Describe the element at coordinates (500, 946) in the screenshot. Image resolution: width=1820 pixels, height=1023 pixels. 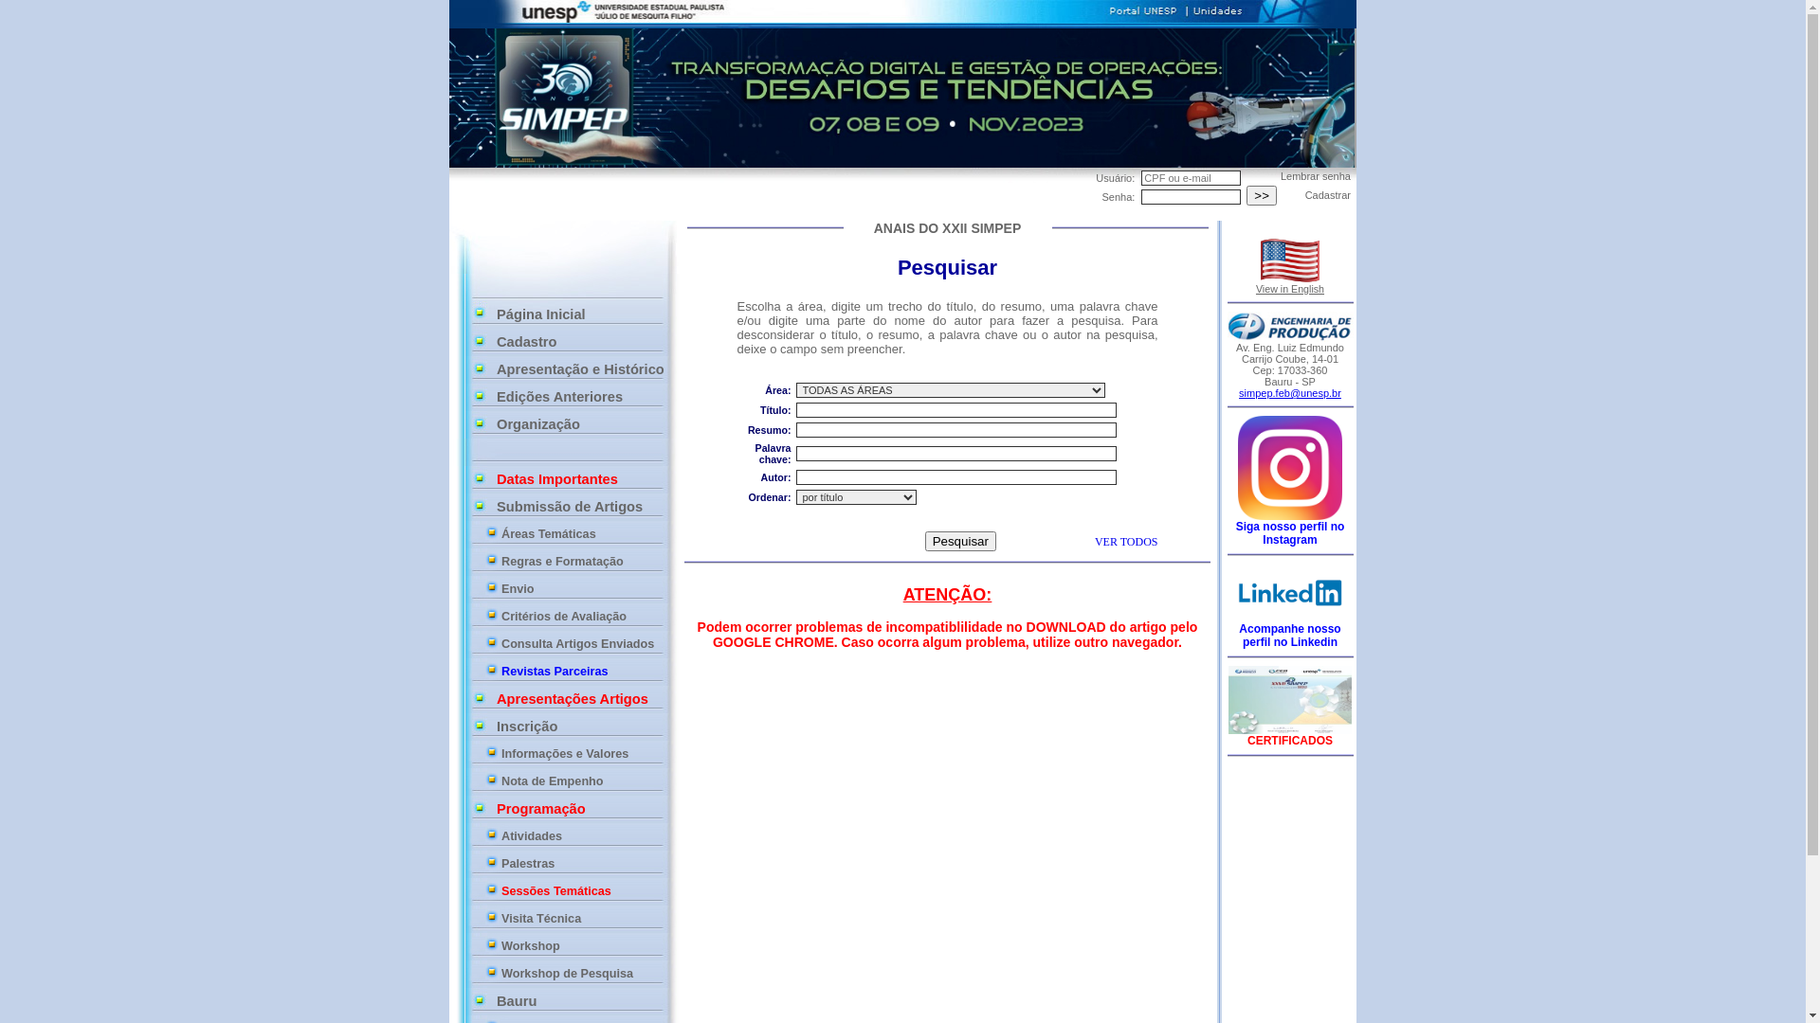
I see `'Workshop'` at that location.